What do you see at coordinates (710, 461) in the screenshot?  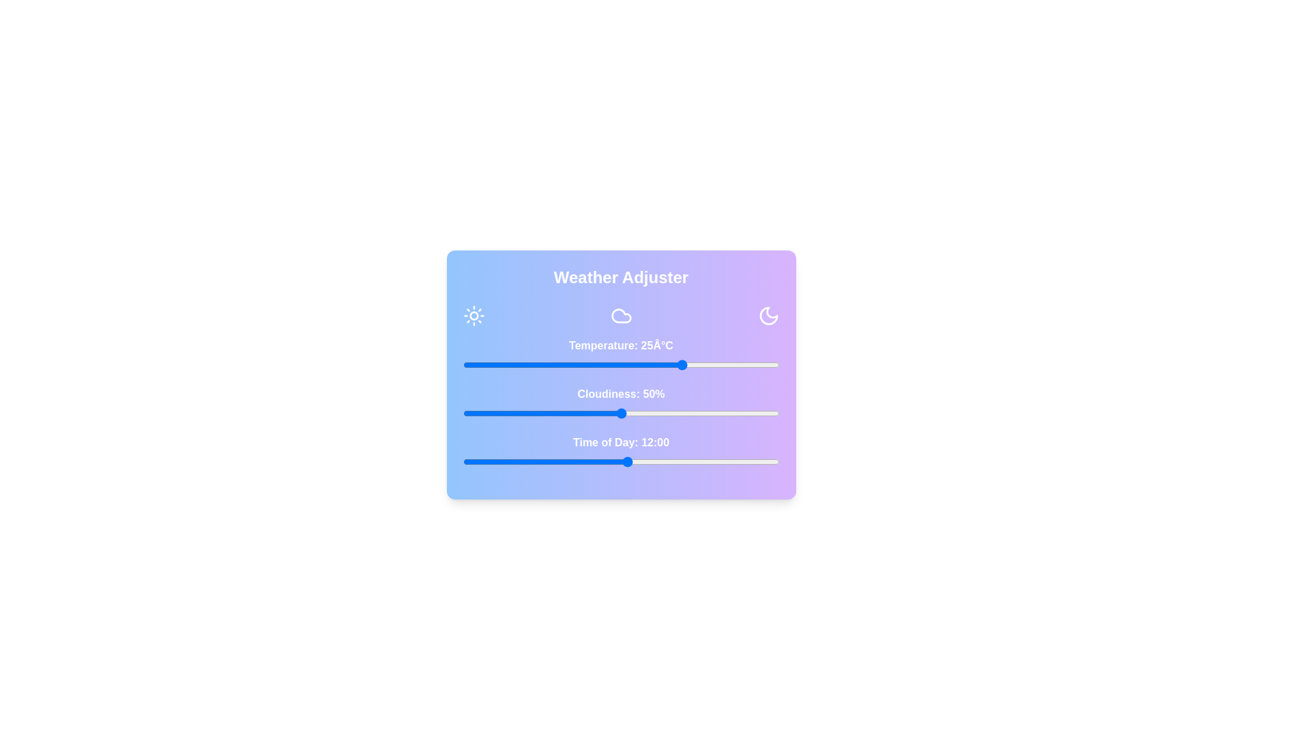 I see `the time of day` at bounding box center [710, 461].